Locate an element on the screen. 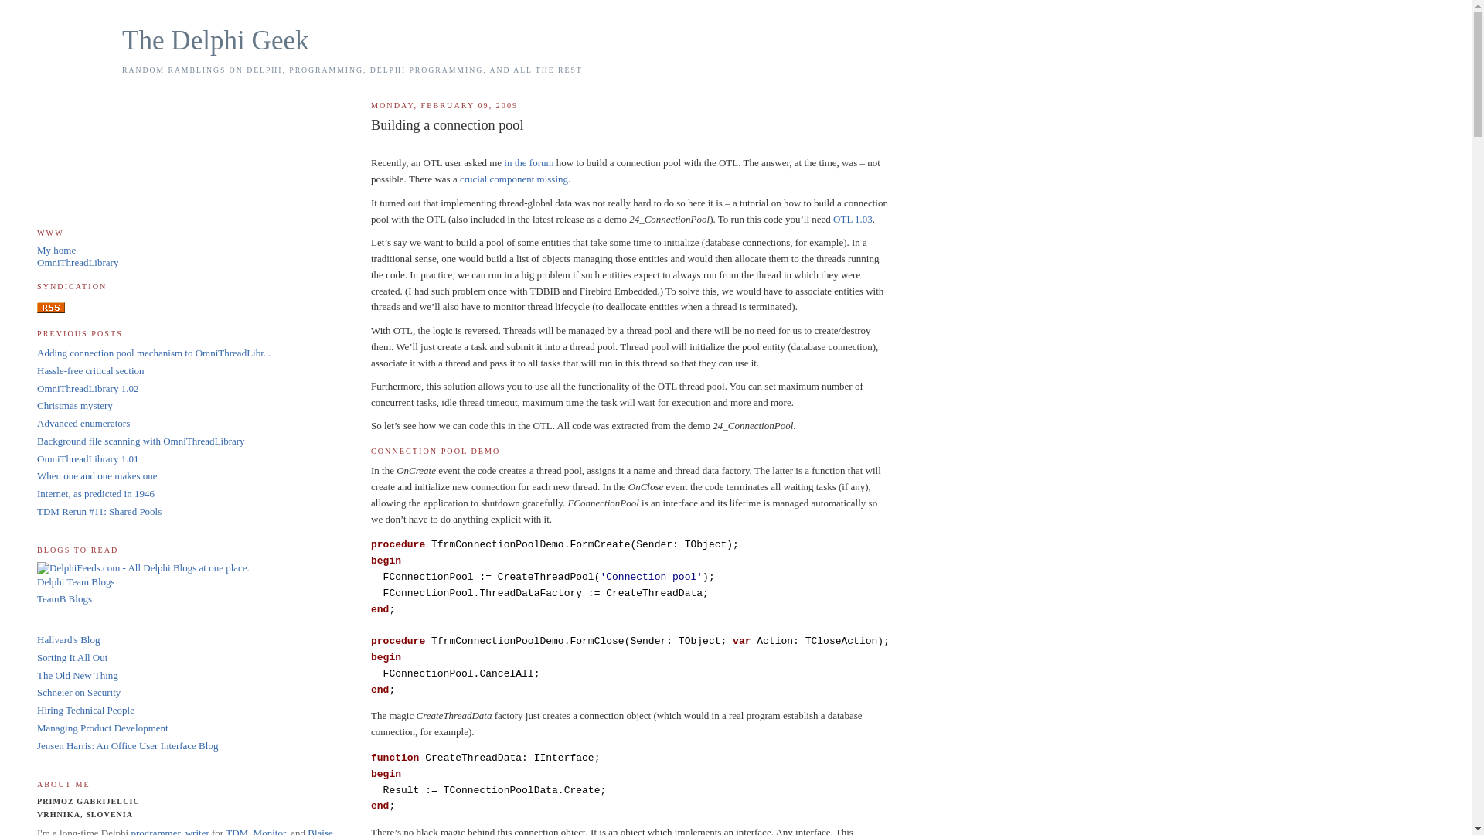 The image size is (1484, 835). 'Internet, as predicted in 1946' is located at coordinates (95, 493).